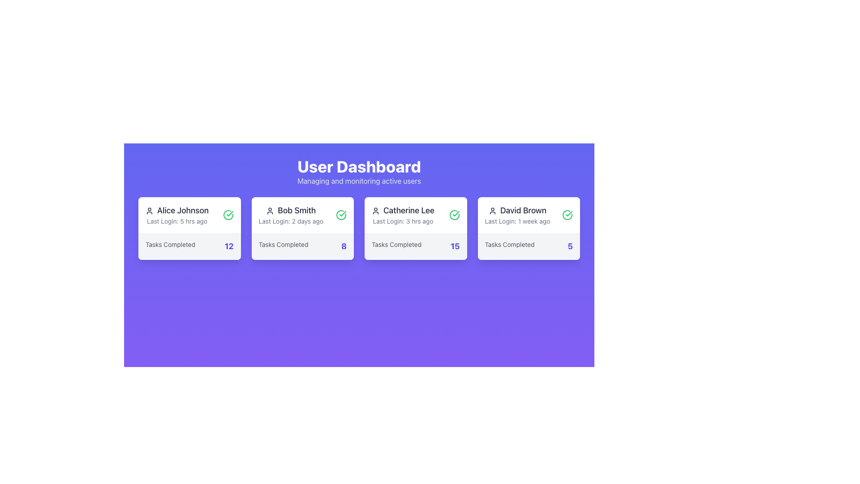 This screenshot has width=860, height=484. What do you see at coordinates (170, 246) in the screenshot?
I see `'Tasks Completed' label, which is a small, gray textual label located at the bottom of the leftmost user information card in the dashboard interface` at bounding box center [170, 246].